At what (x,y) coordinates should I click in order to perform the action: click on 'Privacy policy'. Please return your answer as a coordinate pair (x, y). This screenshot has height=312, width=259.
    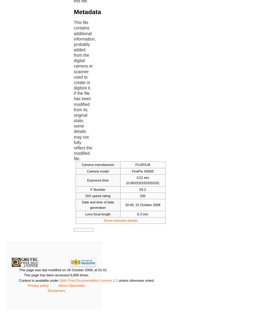
    Looking at the image, I should click on (28, 285).